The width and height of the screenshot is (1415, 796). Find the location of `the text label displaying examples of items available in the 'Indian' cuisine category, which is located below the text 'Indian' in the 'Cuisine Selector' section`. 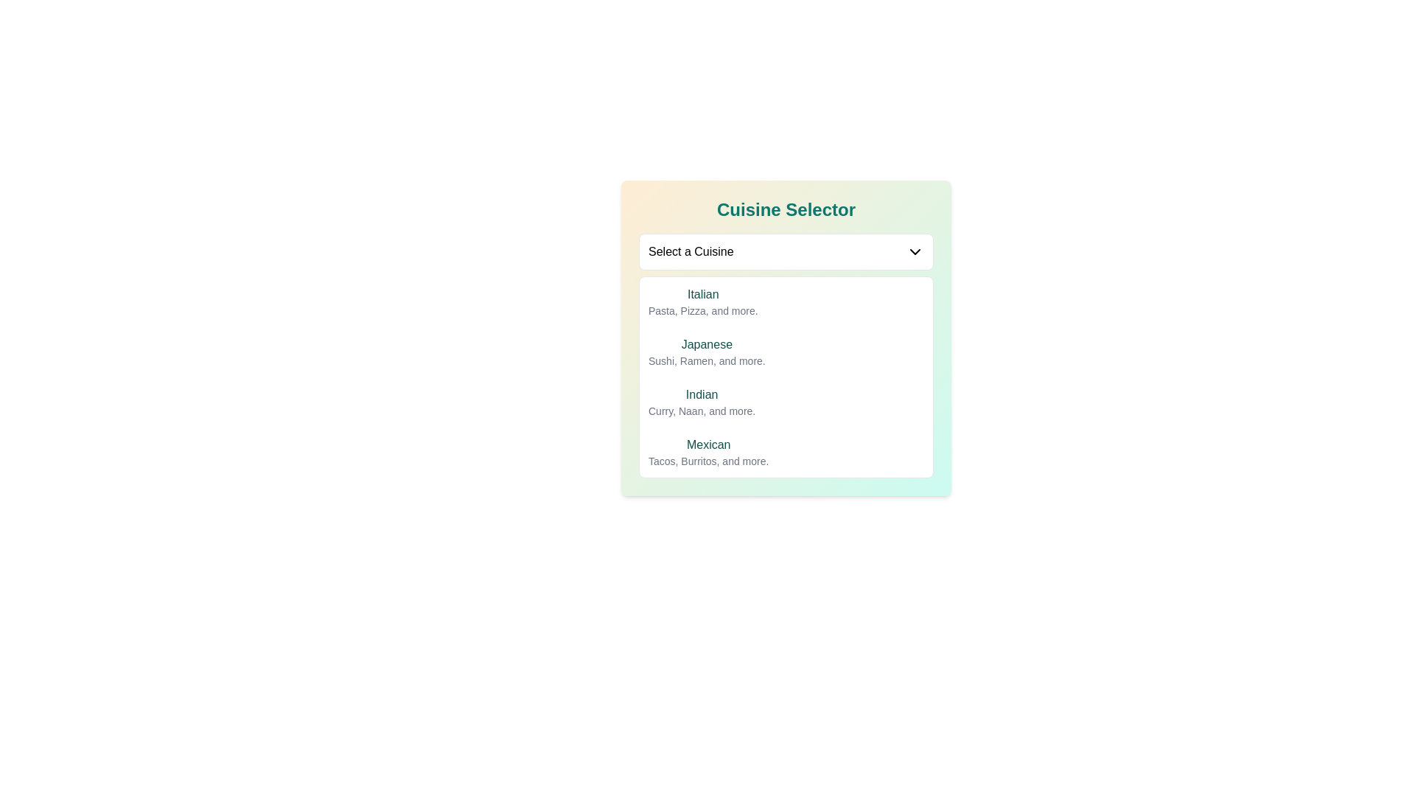

the text label displaying examples of items available in the 'Indian' cuisine category, which is located below the text 'Indian' in the 'Cuisine Selector' section is located at coordinates (701, 411).